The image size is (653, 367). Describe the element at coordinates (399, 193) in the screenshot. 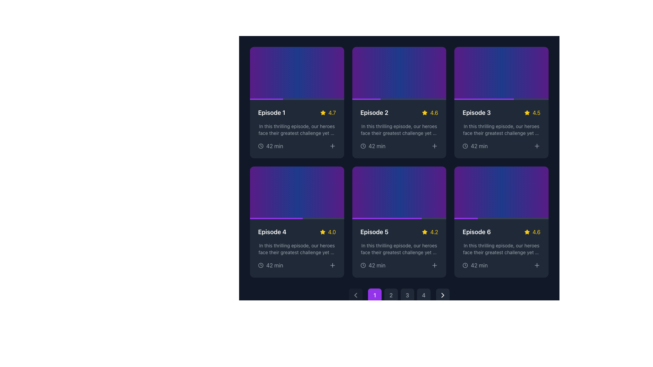

I see `the Episode 5 card, which is a rectangular area with a gradient background from purple` at that location.